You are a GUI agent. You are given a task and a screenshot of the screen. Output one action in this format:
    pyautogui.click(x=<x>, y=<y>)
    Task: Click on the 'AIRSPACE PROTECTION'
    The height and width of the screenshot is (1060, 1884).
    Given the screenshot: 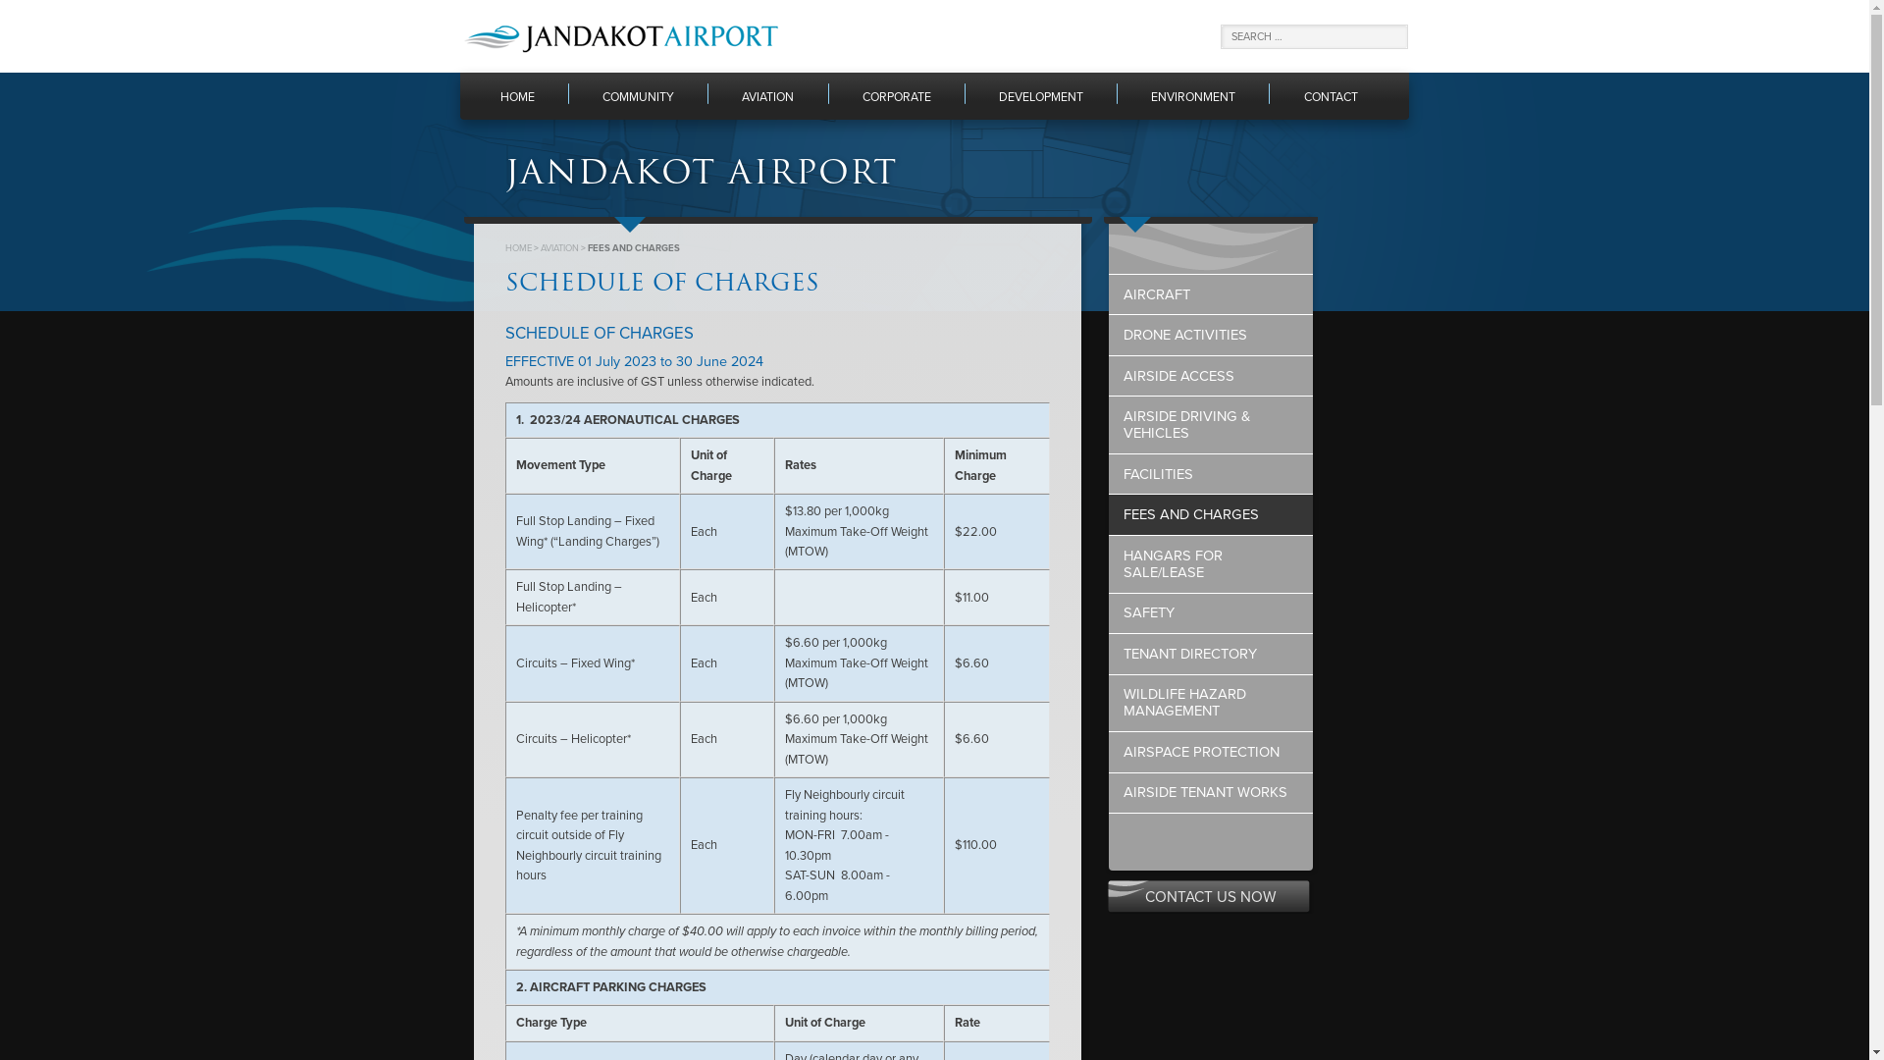 What is the action you would take?
    pyautogui.click(x=1209, y=751)
    